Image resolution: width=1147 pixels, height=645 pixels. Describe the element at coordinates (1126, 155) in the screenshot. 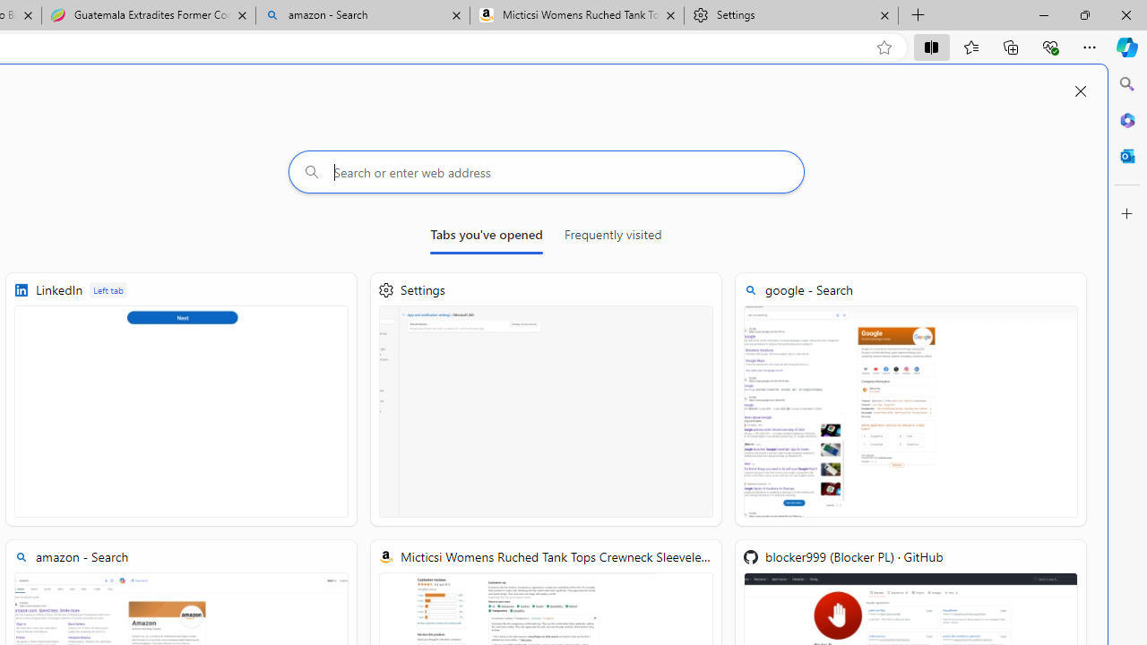

I see `'Outlook'` at that location.